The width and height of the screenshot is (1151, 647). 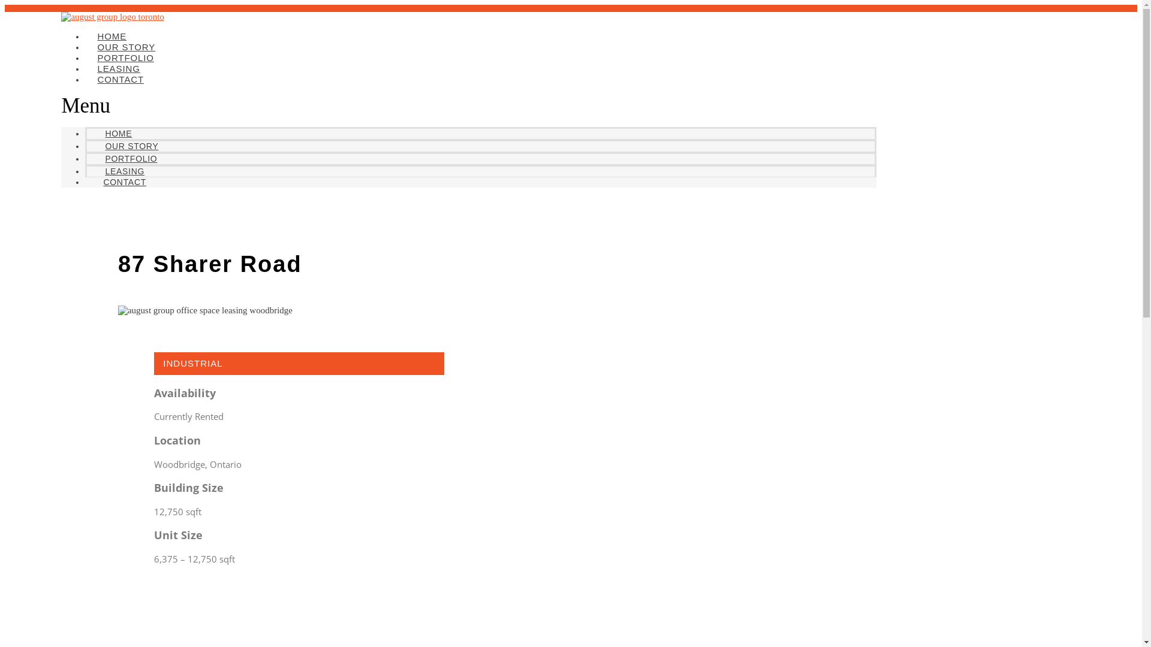 I want to click on 'HOME', so click(x=112, y=35).